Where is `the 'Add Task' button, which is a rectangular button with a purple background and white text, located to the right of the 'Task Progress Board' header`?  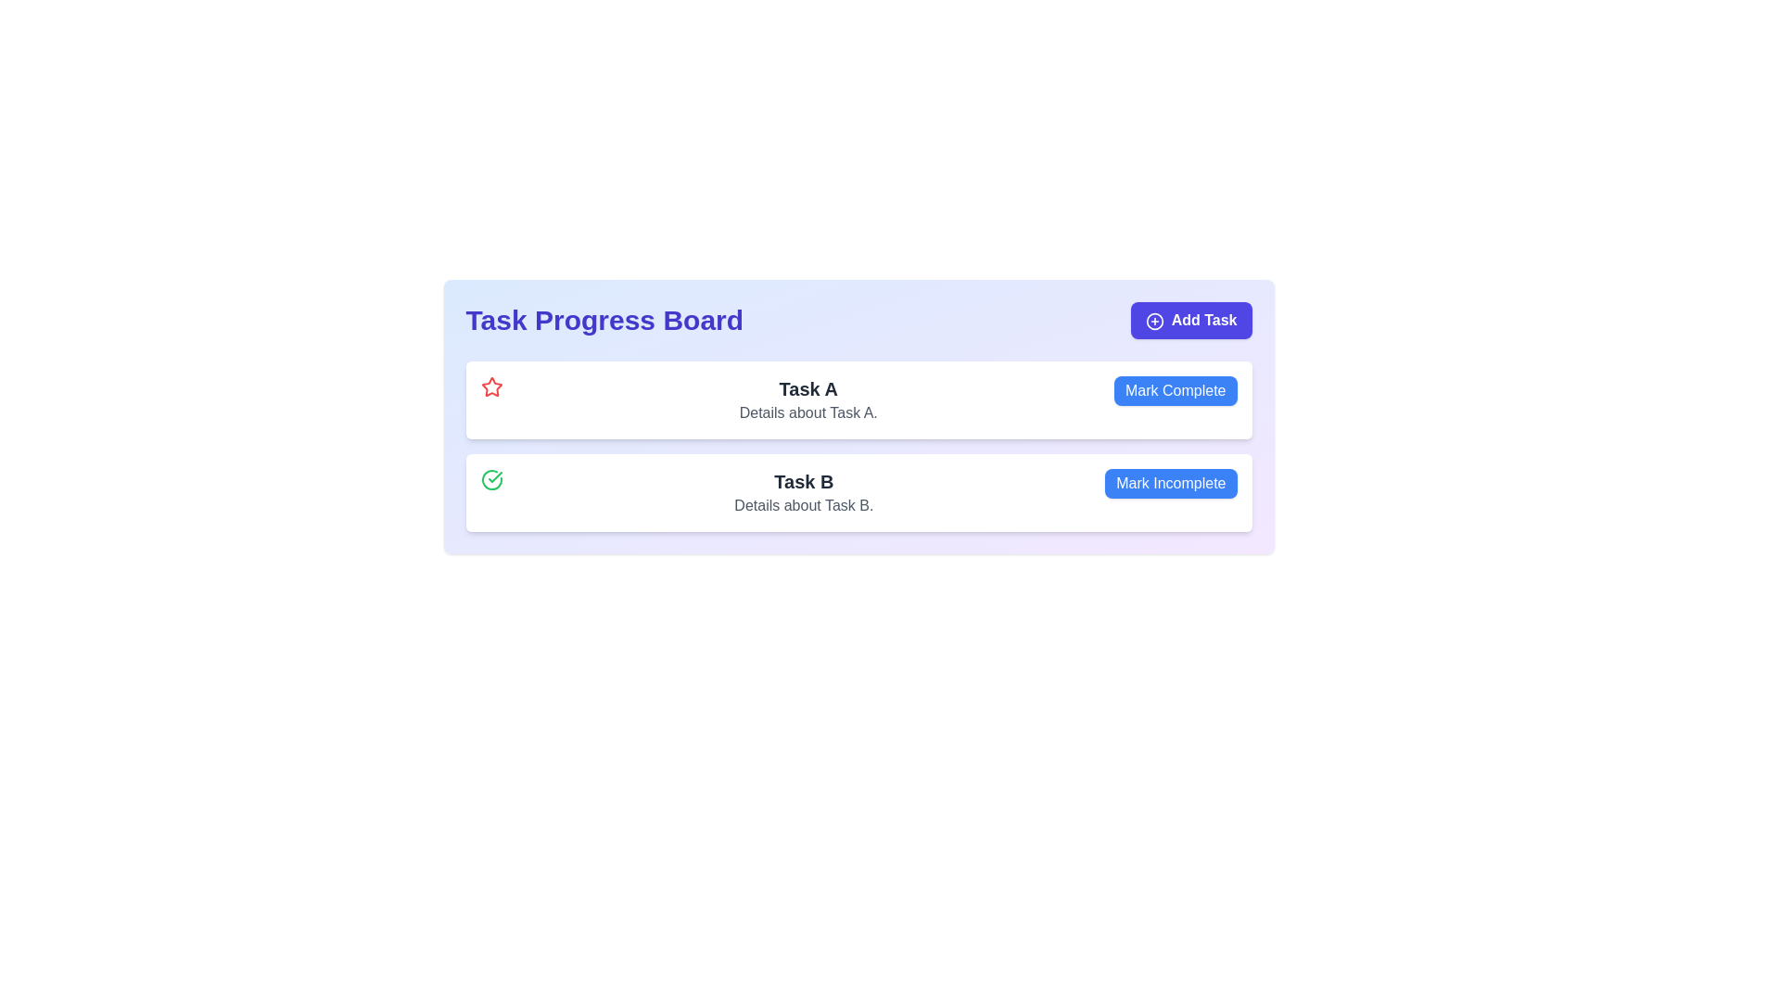
the 'Add Task' button, which is a rectangular button with a purple background and white text, located to the right of the 'Task Progress Board' header is located at coordinates (1191, 320).